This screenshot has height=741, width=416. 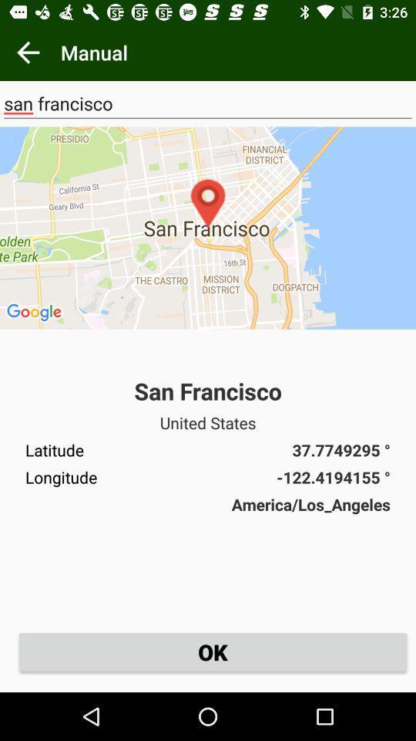 What do you see at coordinates (212, 651) in the screenshot?
I see `item below the america/los_angeles item` at bounding box center [212, 651].